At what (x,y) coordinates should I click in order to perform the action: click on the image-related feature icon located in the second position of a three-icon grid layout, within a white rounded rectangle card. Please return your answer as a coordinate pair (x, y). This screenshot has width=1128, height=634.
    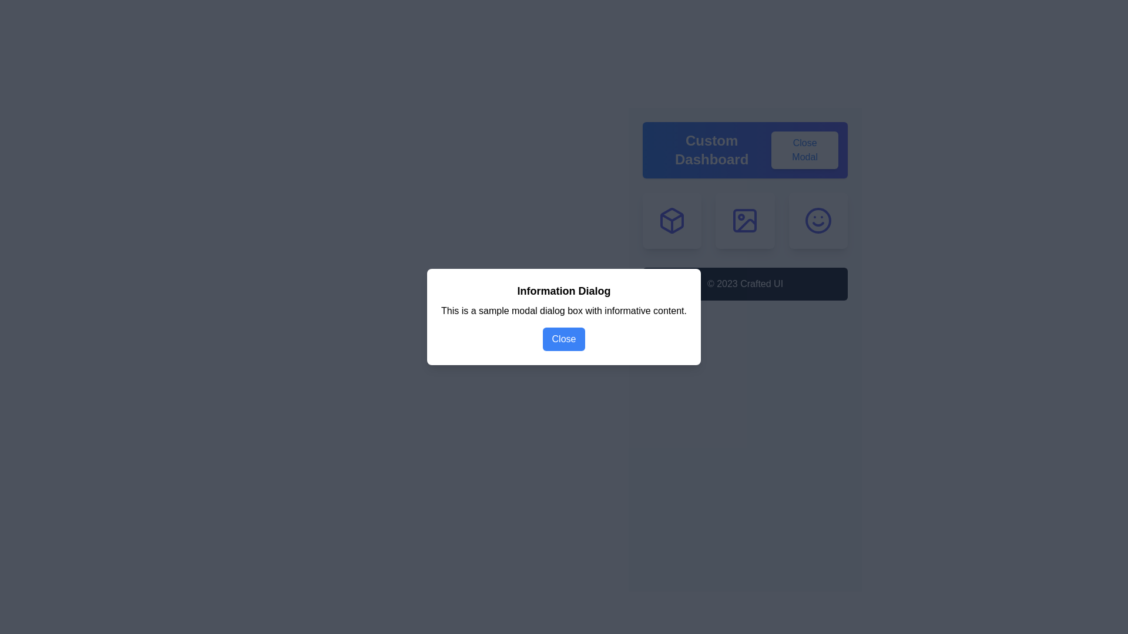
    Looking at the image, I should click on (744, 220).